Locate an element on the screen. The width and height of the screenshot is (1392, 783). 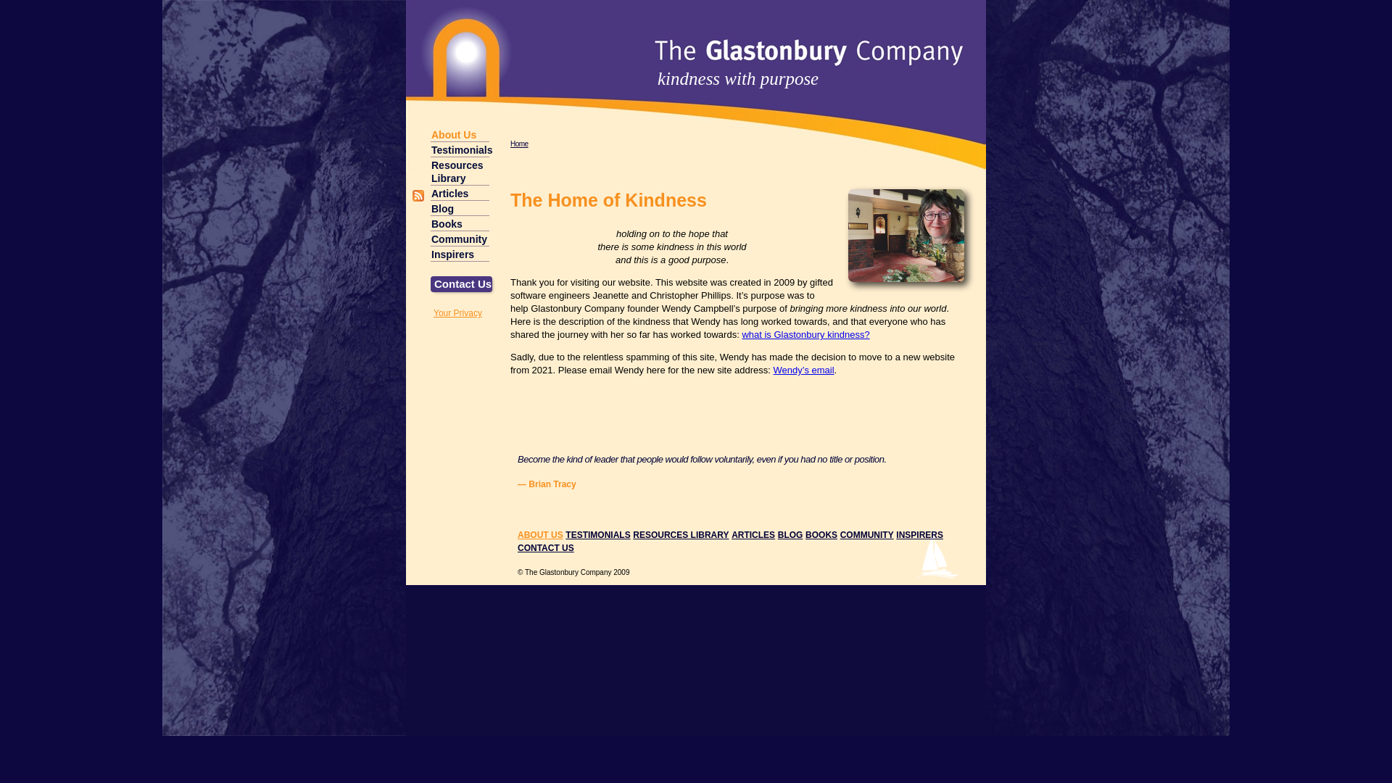
'TESTIMONIALS' is located at coordinates (597, 534).